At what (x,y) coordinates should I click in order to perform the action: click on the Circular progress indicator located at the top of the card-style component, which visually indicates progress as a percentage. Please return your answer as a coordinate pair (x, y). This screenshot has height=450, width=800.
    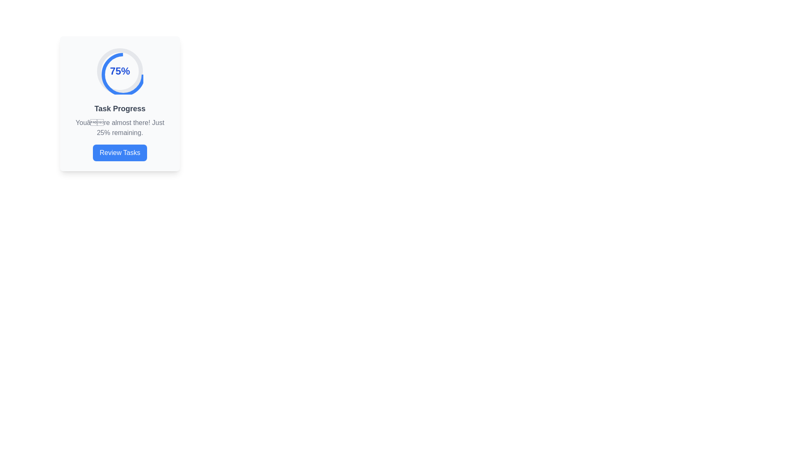
    Looking at the image, I should click on (123, 74).